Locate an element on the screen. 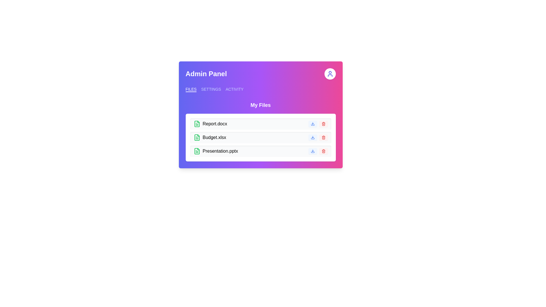 This screenshot has height=307, width=546. the 'ACTIVITY' navigation link, which is the third item in the top navigation bar, styled in light indigo with a subtle underline on hover, to trigger style transitions is located at coordinates (235, 89).